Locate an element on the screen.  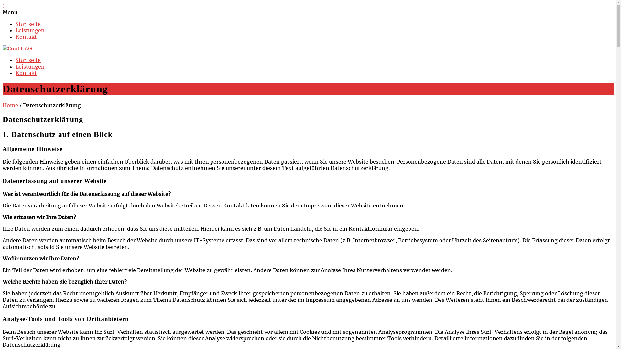
'Startseite' is located at coordinates (27, 60).